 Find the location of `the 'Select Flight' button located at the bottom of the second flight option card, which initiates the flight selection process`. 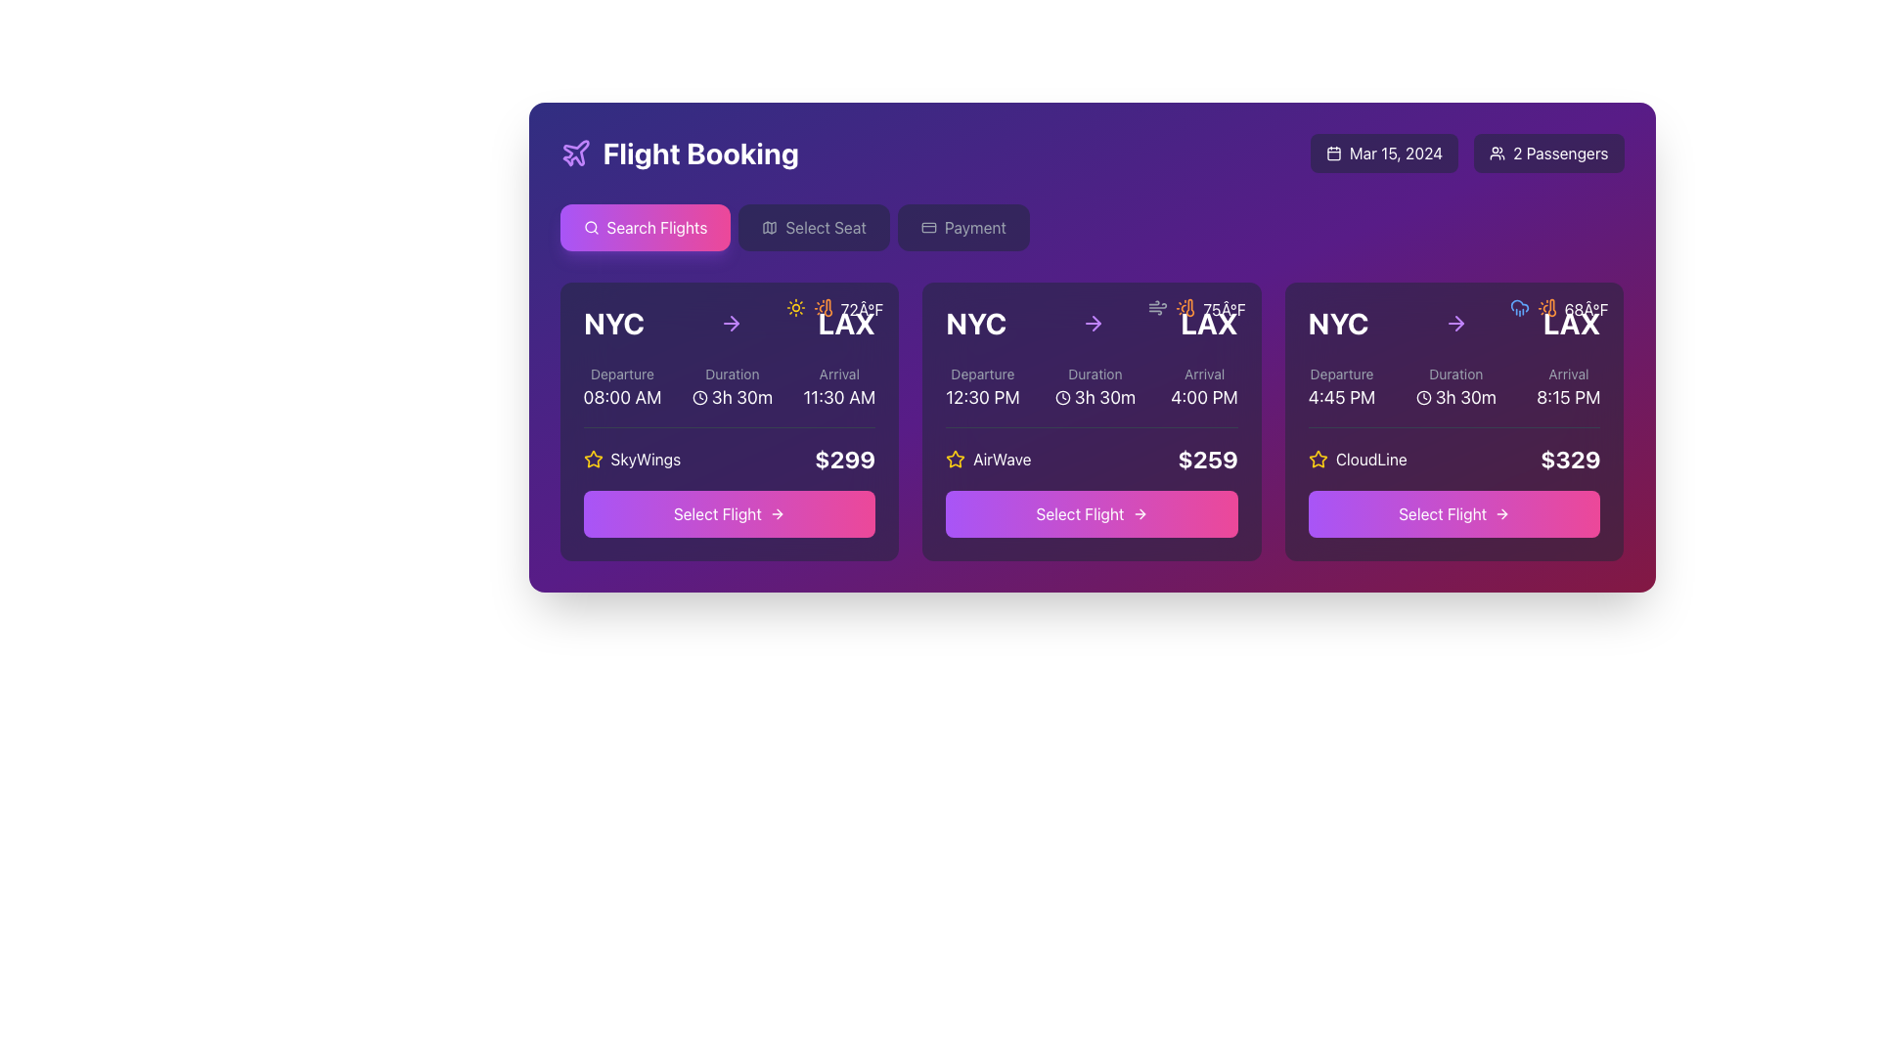

the 'Select Flight' button located at the bottom of the second flight option card, which initiates the flight selection process is located at coordinates (1091, 512).